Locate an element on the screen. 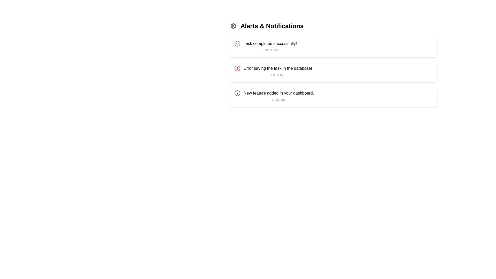 The width and height of the screenshot is (496, 279). the informational icon styled as a circled 'i' symbol, which is located at the left end of the notification card containing the text 'New feature added in your dashboard. 1 day ago' is located at coordinates (237, 93).